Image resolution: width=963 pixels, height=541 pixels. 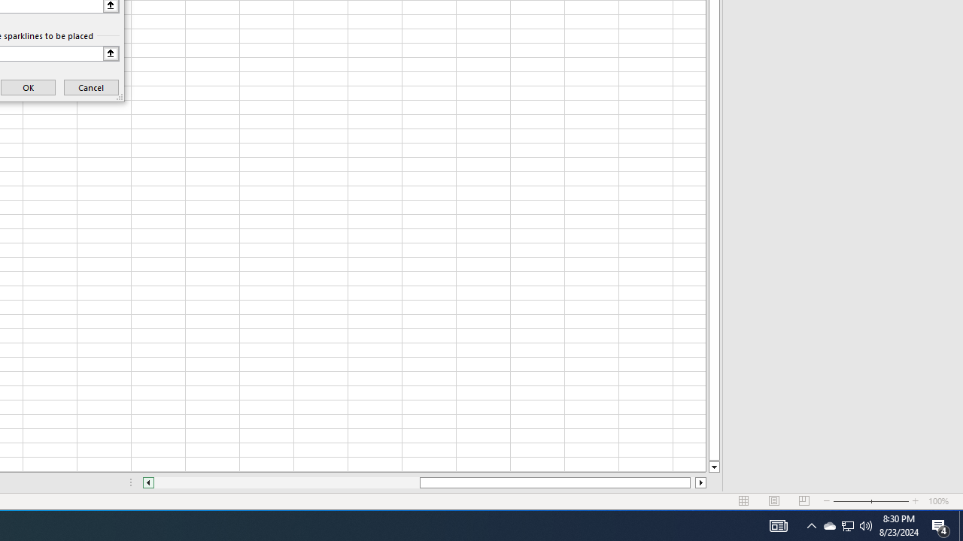 I want to click on 'Page Break Preview', so click(x=804, y=501).